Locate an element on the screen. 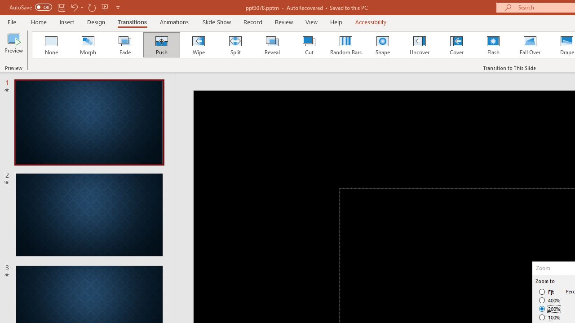 The image size is (575, 323). 'Shape' is located at coordinates (383, 45).